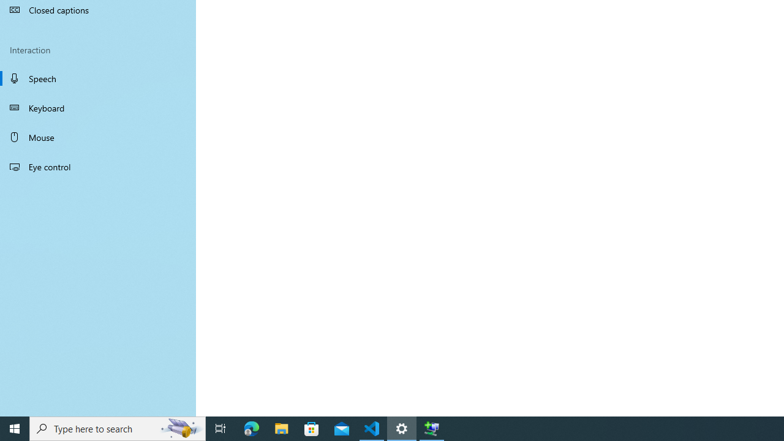 Image resolution: width=784 pixels, height=441 pixels. Describe the element at coordinates (432, 428) in the screenshot. I see `'Extensible Wizards Host Process - 1 running window'` at that location.